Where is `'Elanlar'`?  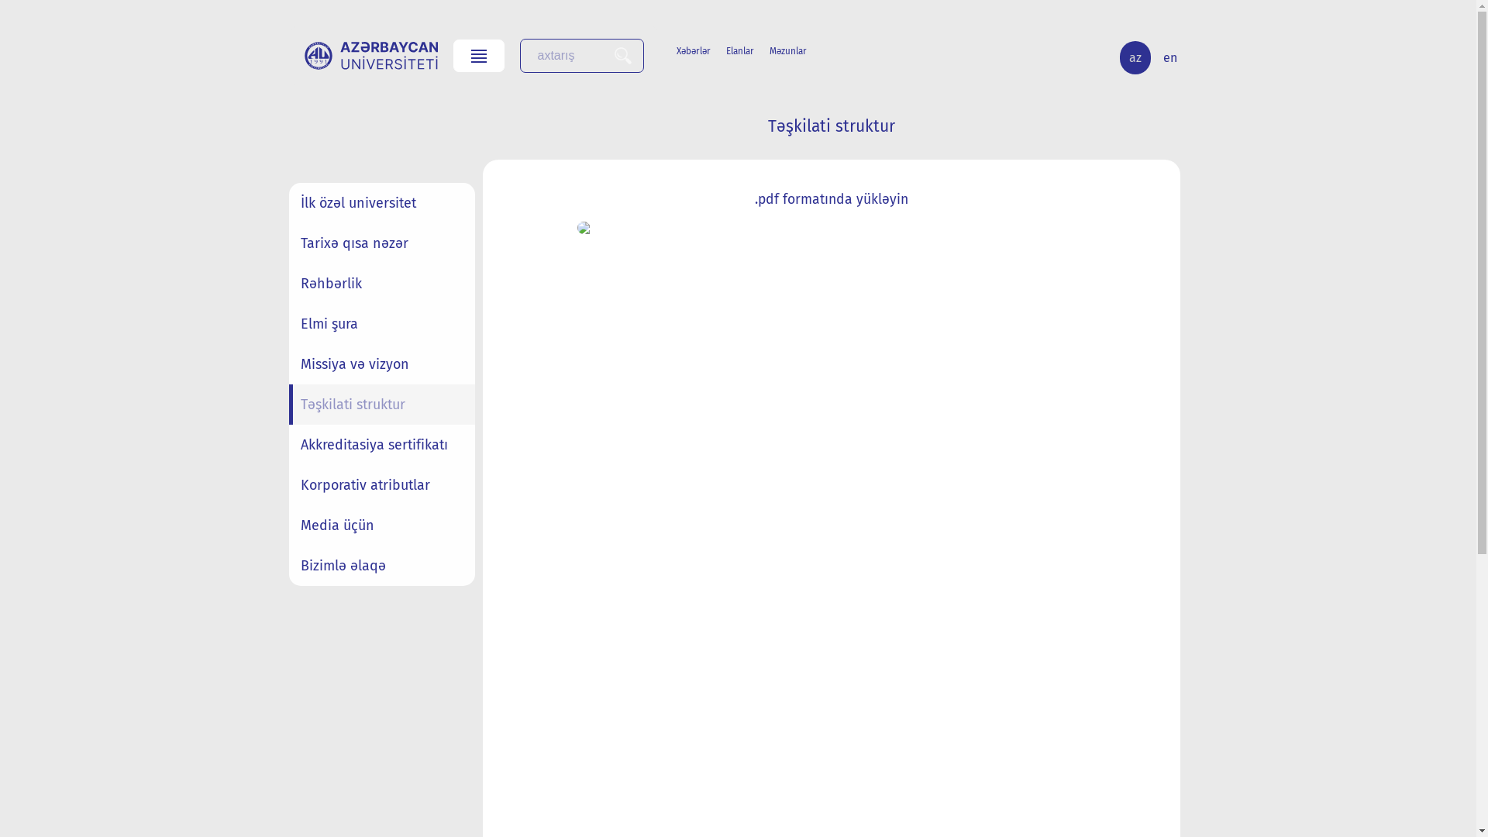
'Elanlar' is located at coordinates (747, 50).